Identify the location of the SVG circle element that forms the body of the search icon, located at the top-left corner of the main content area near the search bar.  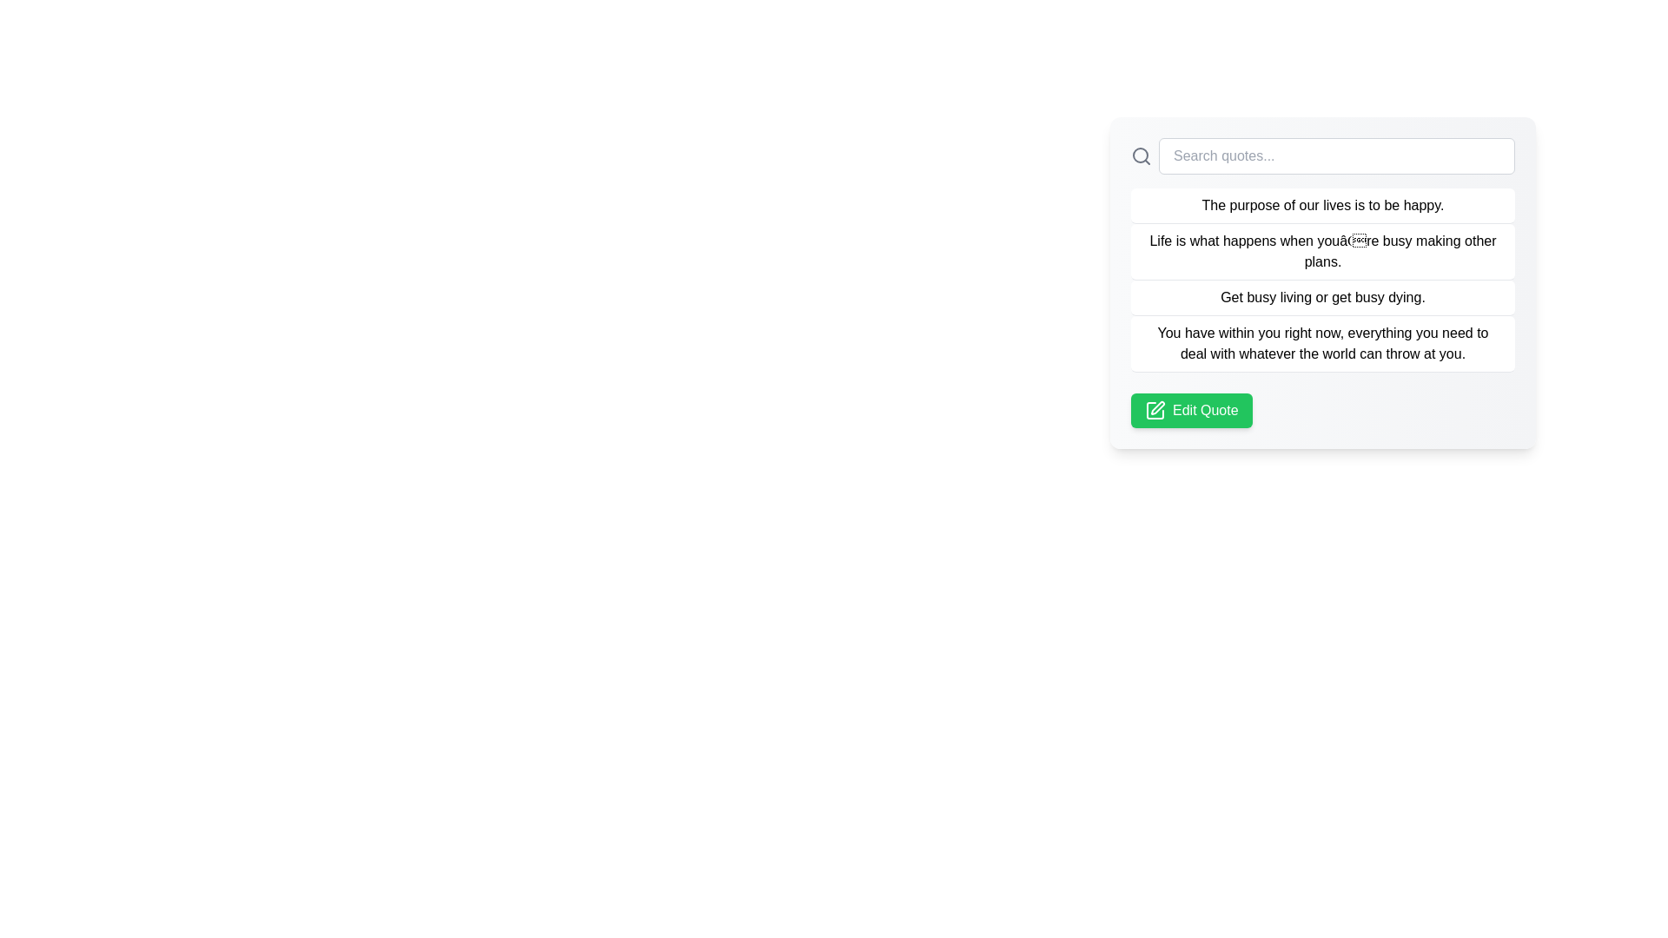
(1141, 154).